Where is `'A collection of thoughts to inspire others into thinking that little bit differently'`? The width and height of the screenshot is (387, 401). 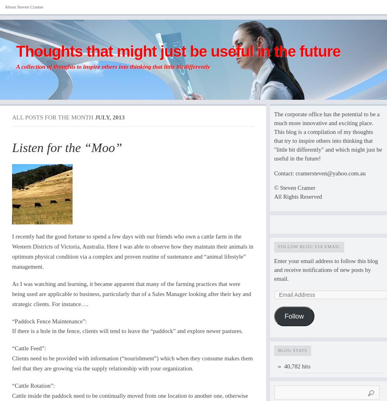
'A collection of thoughts to inspire others into thinking that little bit differently' is located at coordinates (112, 66).